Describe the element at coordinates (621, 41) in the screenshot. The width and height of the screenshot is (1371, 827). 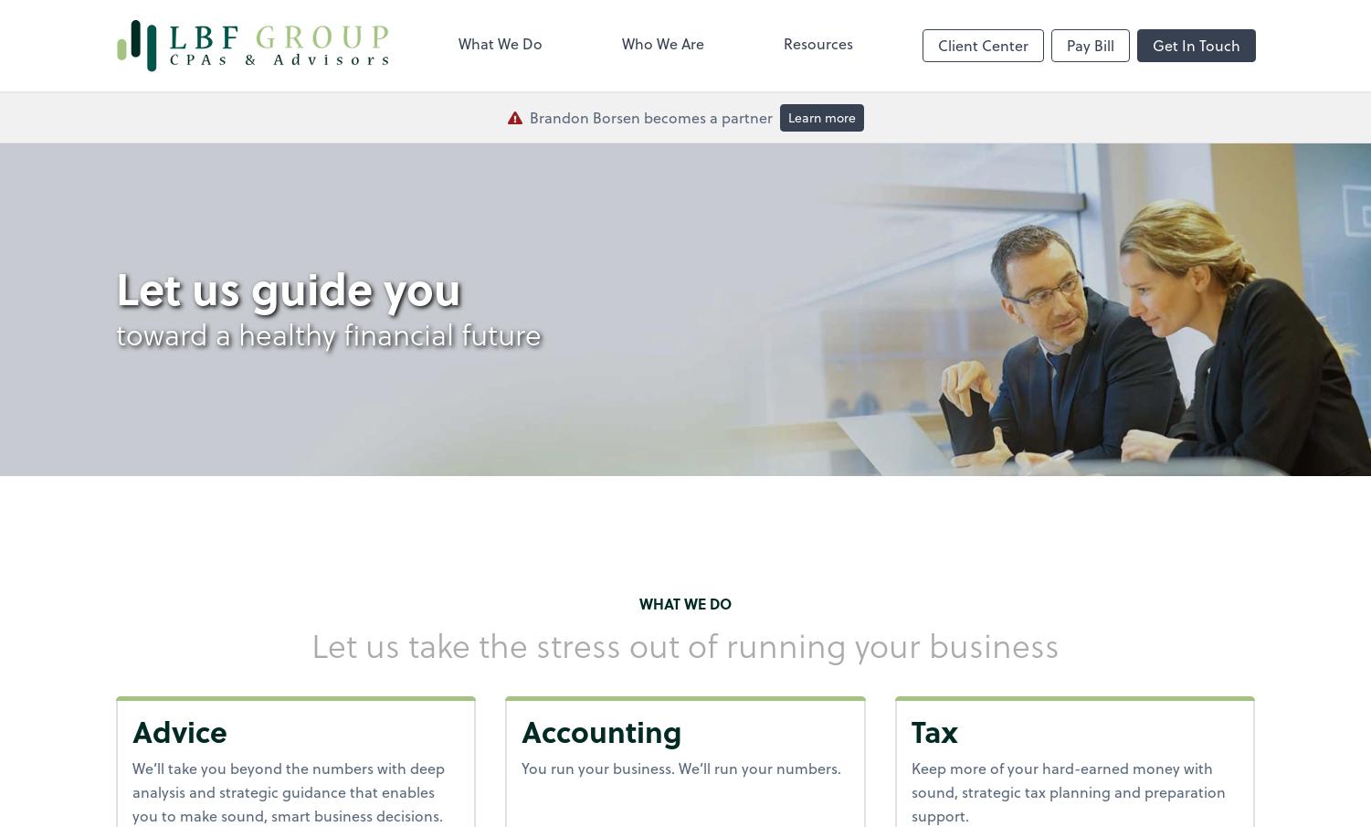
I see `'Who We Are'` at that location.